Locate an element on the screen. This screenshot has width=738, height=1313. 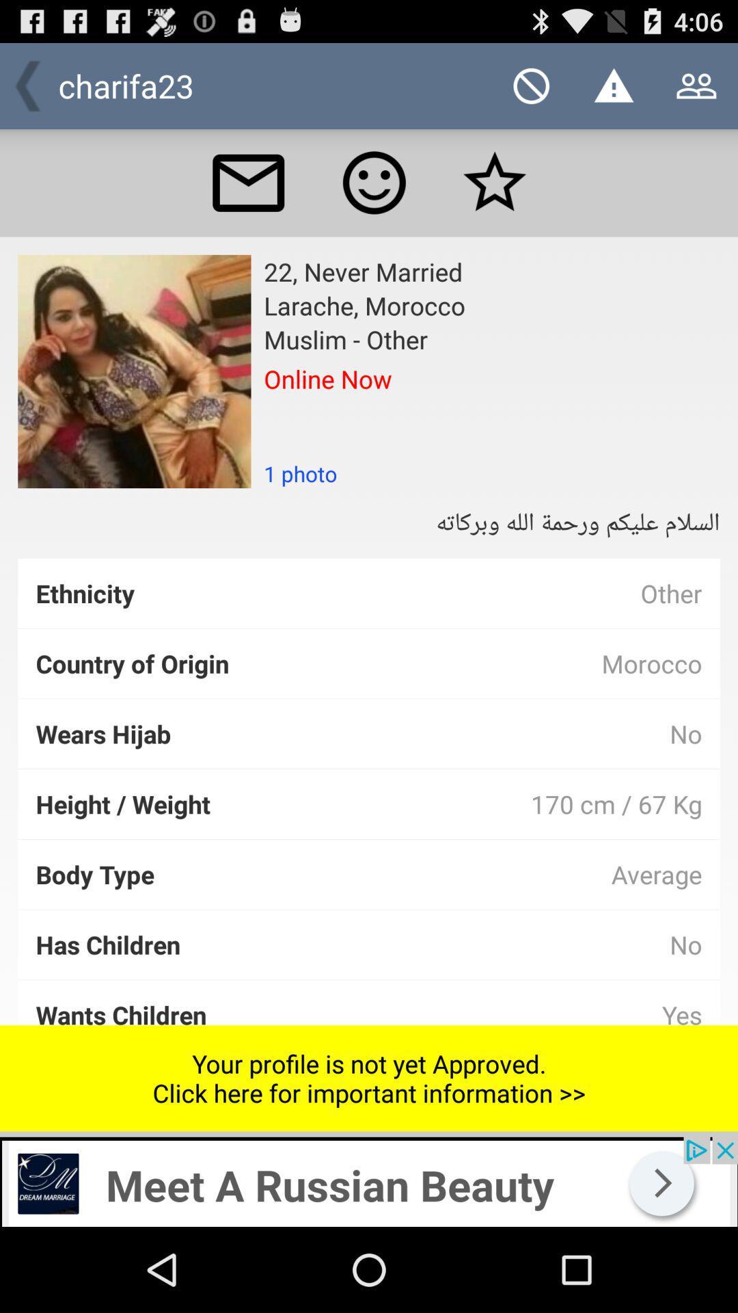
advertisement is located at coordinates (369, 1181).